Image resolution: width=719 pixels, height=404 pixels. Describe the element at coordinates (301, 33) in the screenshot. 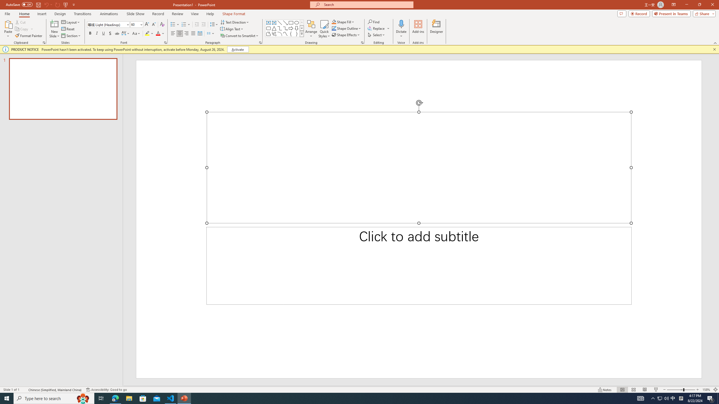

I see `'Class: NetUIImage'` at that location.